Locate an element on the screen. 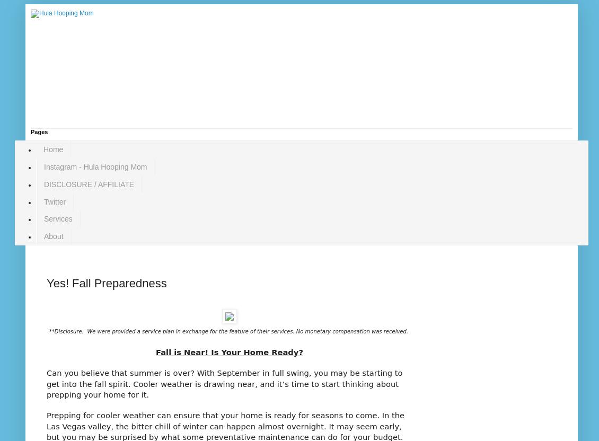  'Twitter' is located at coordinates (55, 200).